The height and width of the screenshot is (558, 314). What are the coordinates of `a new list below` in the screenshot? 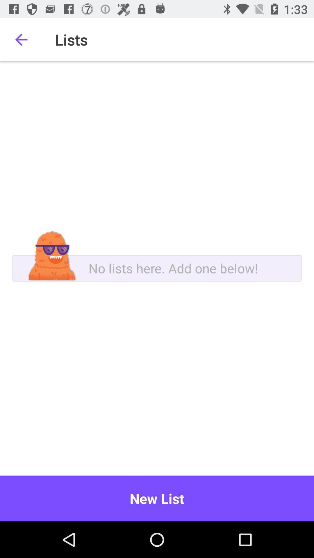 It's located at (157, 268).